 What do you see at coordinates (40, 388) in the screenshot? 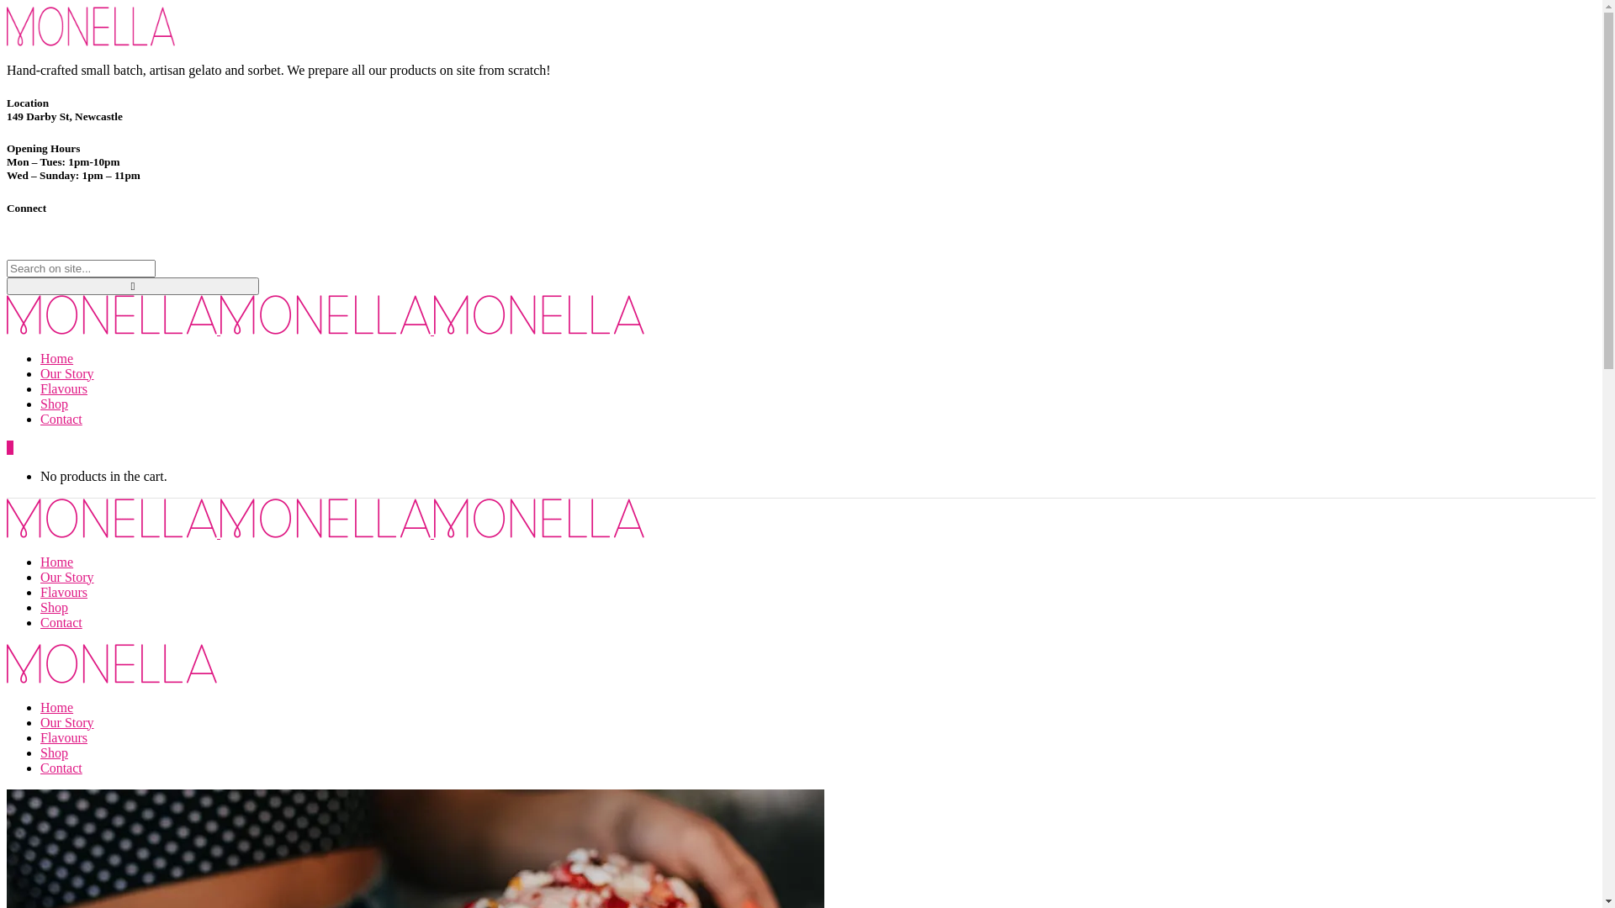
I see `'Flavours'` at bounding box center [40, 388].